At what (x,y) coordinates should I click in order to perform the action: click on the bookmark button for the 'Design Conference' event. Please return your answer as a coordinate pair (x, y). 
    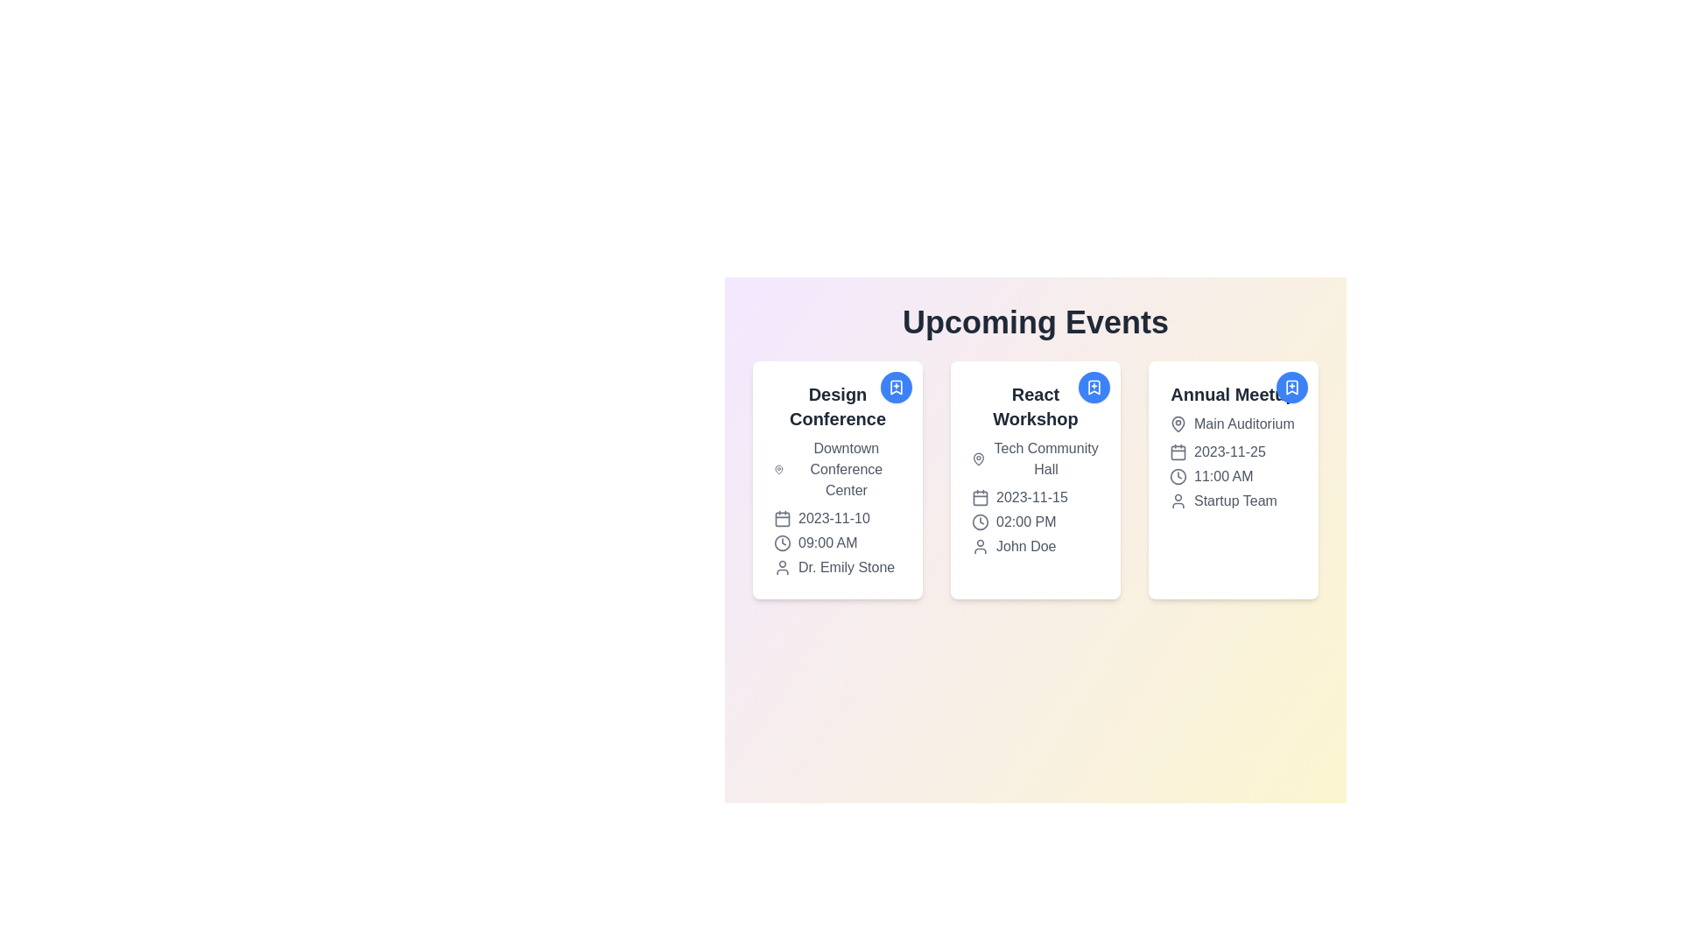
    Looking at the image, I should click on (896, 387).